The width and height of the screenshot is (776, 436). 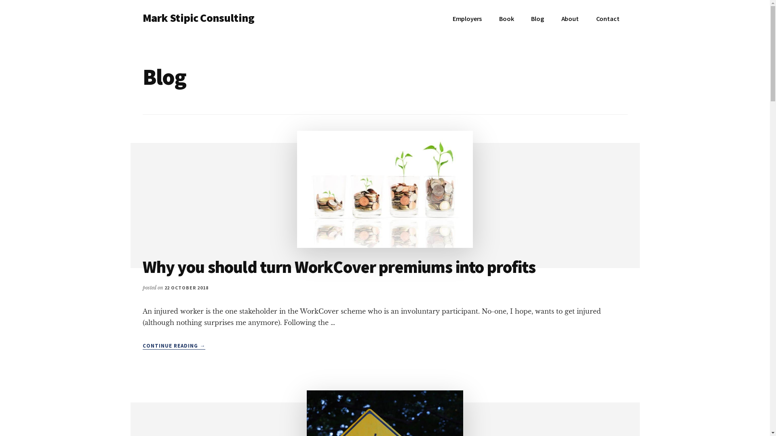 I want to click on 'Blog', so click(x=537, y=18).